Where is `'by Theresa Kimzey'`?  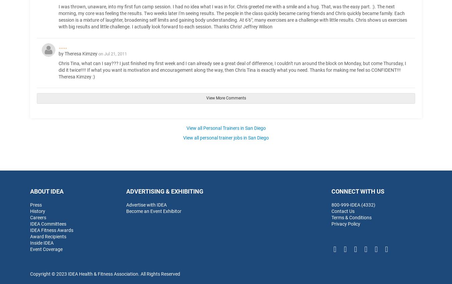
'by Theresa Kimzey' is located at coordinates (78, 53).